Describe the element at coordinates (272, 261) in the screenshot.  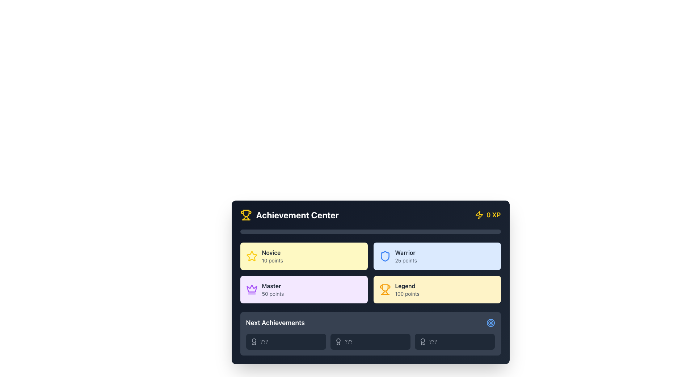
I see `the text label displaying '10 points', which is located below the 'Novice' label in the yellow-highlighted achievement box` at that location.